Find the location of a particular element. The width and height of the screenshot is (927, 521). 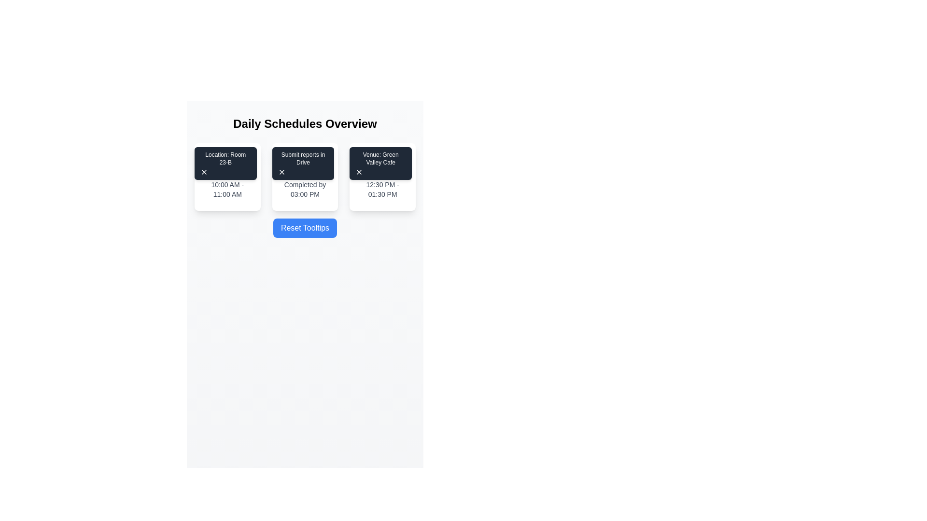

the close button in the top-right corner of the card displaying 'Venue: Green Valley Cafe' is located at coordinates (359, 172).